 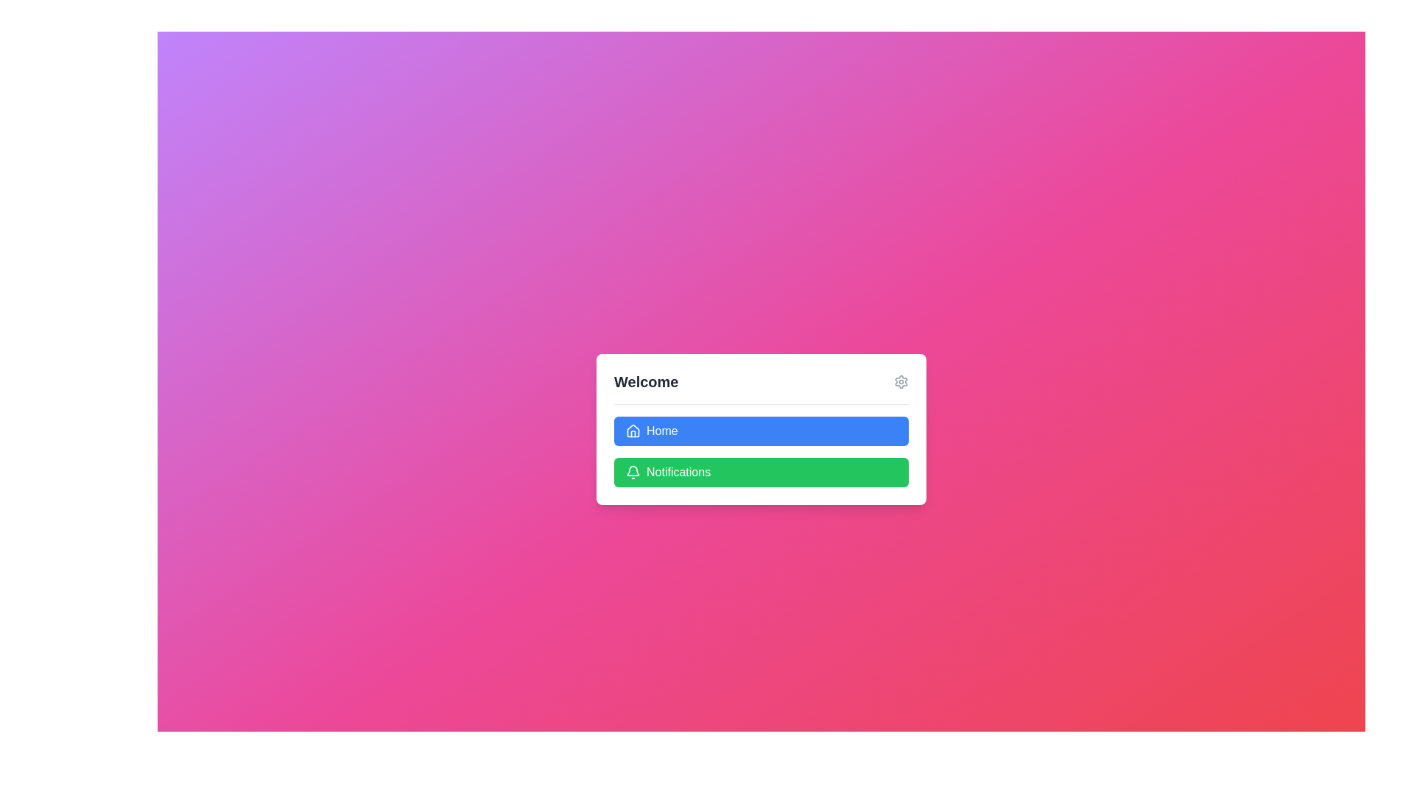 I want to click on the SVG icon located at the top-right corner of the 'Welcome' card interface, which is adjacent to the card's header text, so click(x=901, y=380).